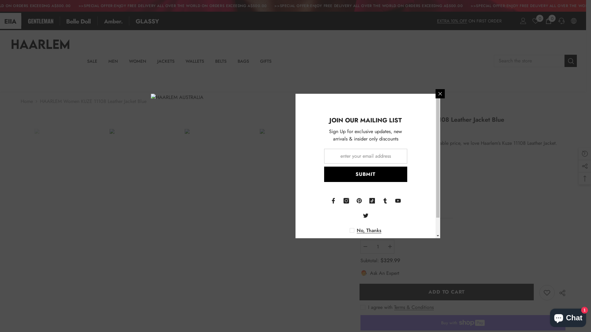 The width and height of the screenshot is (591, 332). Describe the element at coordinates (109, 180) in the screenshot. I see `'HAARLEM Women KUZE 11108 Leather Jacket Blue'` at that location.